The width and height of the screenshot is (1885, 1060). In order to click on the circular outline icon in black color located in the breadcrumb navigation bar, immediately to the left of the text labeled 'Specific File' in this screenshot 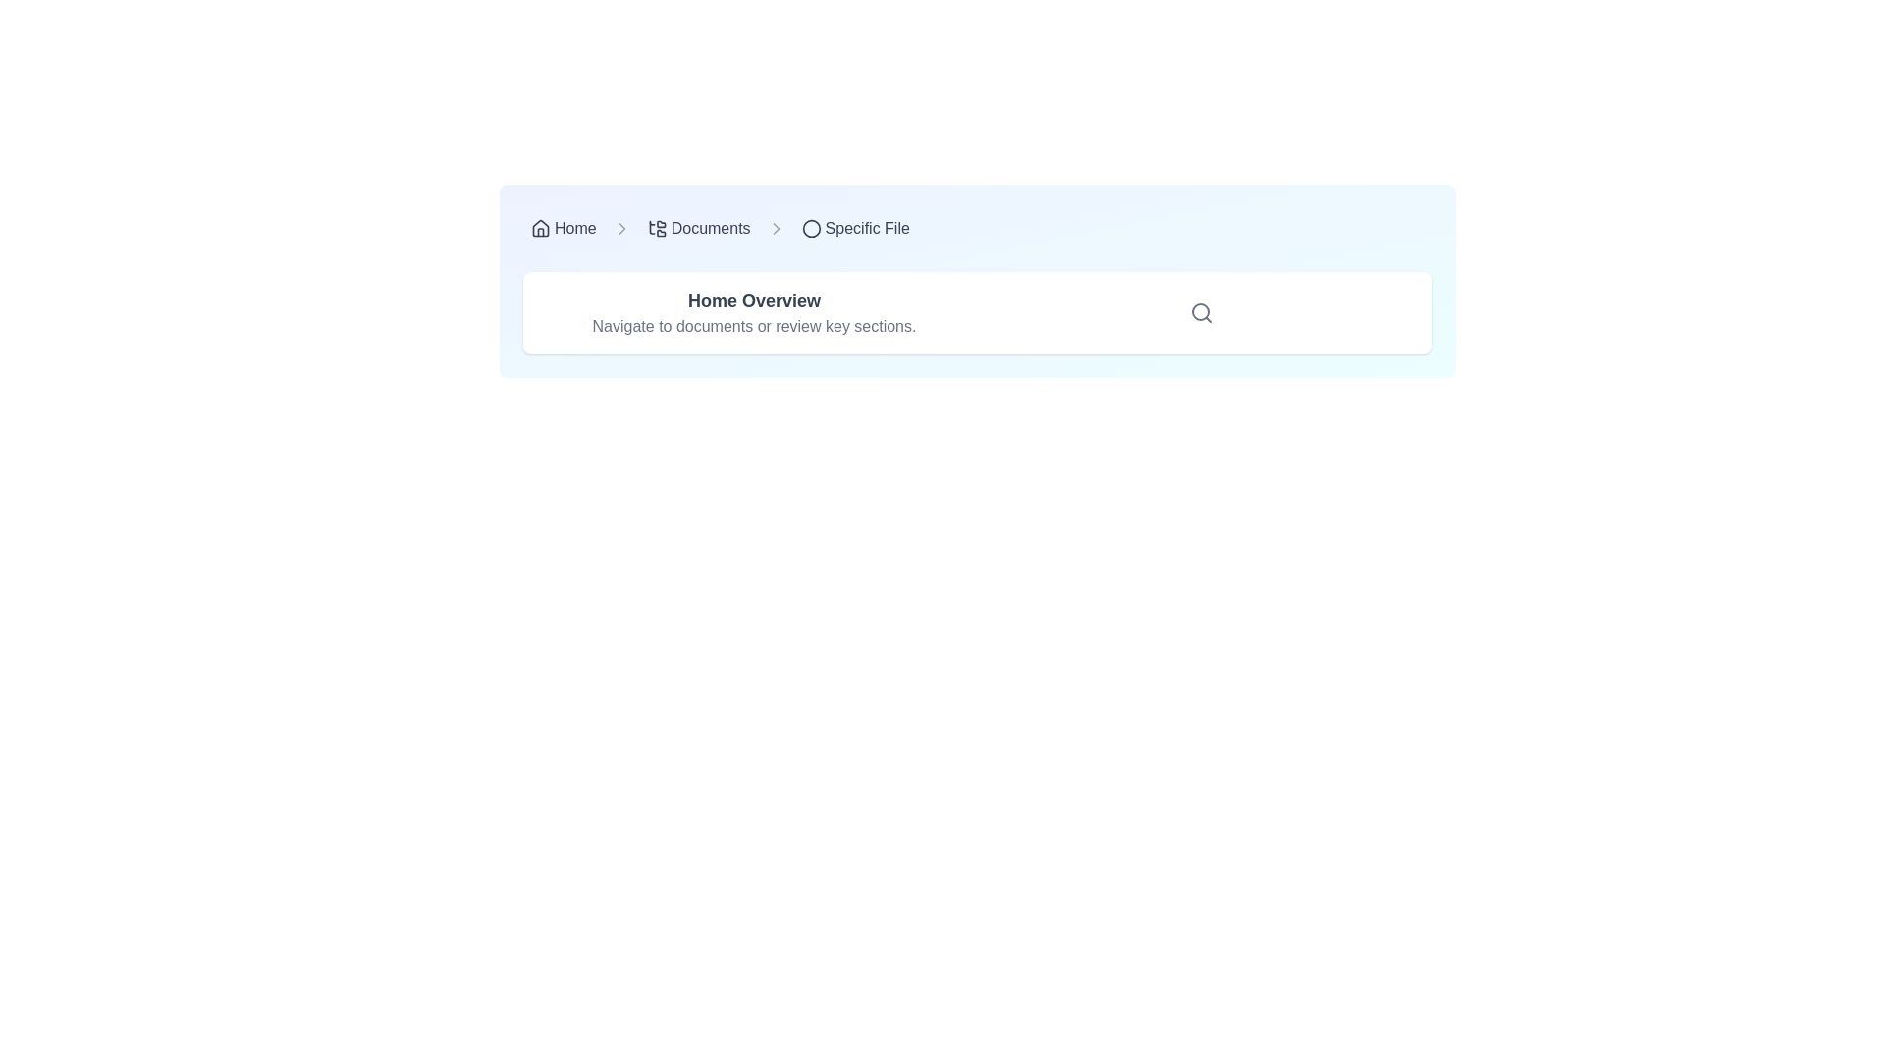, I will do `click(811, 227)`.